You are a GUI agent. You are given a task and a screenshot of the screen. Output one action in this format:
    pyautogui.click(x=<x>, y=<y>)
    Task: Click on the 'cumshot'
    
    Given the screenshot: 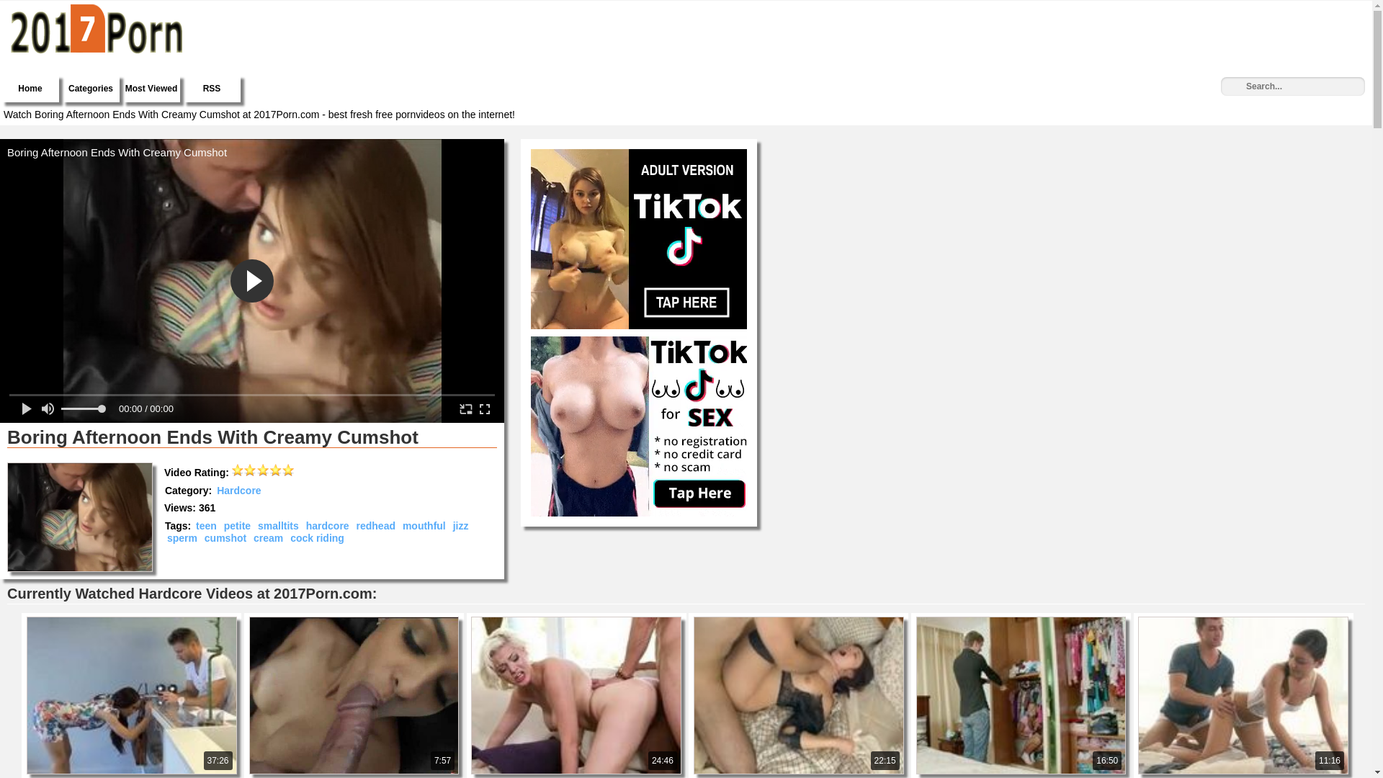 What is the action you would take?
    pyautogui.click(x=224, y=538)
    